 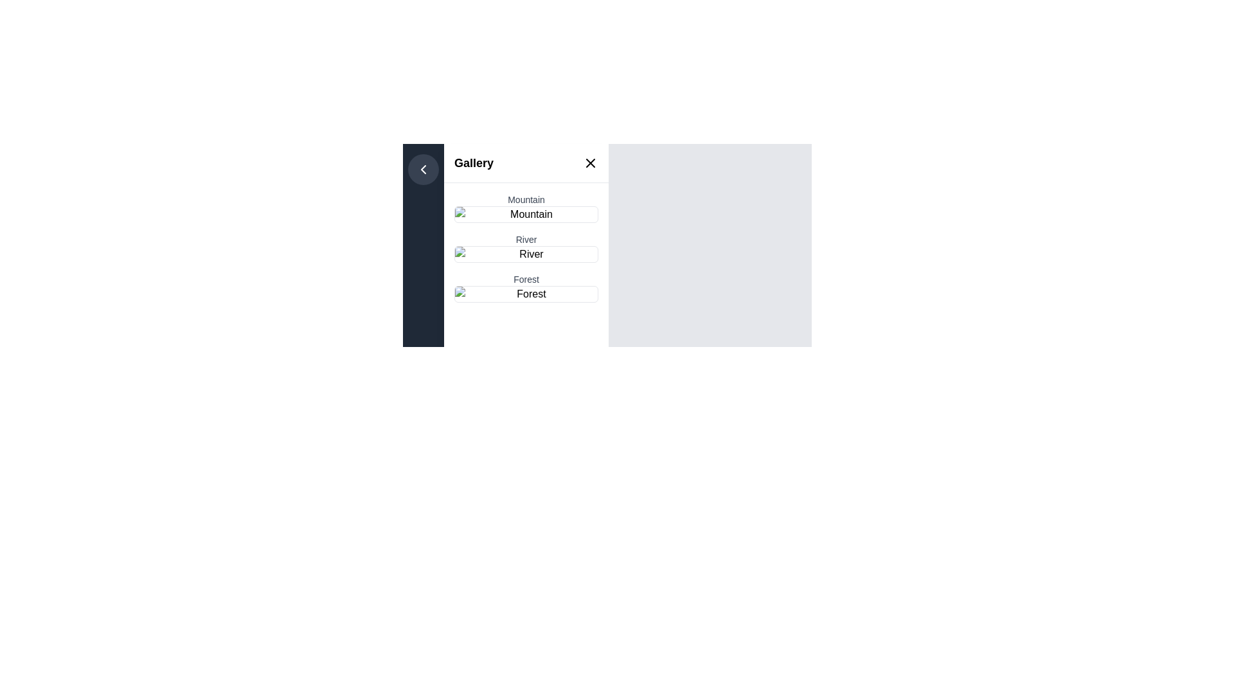 What do you see at coordinates (526, 214) in the screenshot?
I see `accessibility tools` at bounding box center [526, 214].